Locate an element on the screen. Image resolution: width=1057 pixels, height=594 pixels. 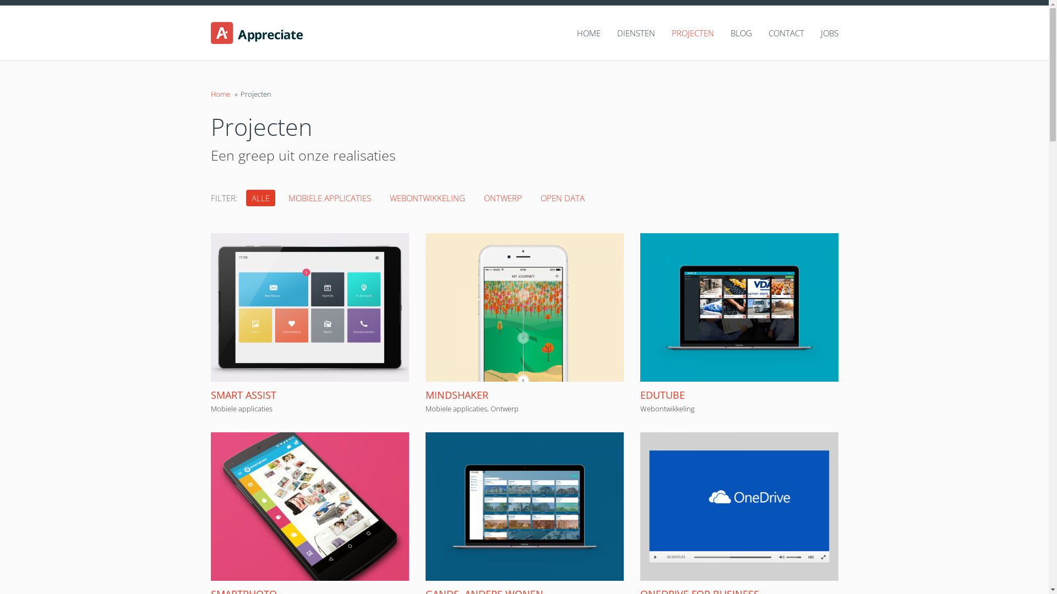
'Webontwikkeling' is located at coordinates (639, 409).